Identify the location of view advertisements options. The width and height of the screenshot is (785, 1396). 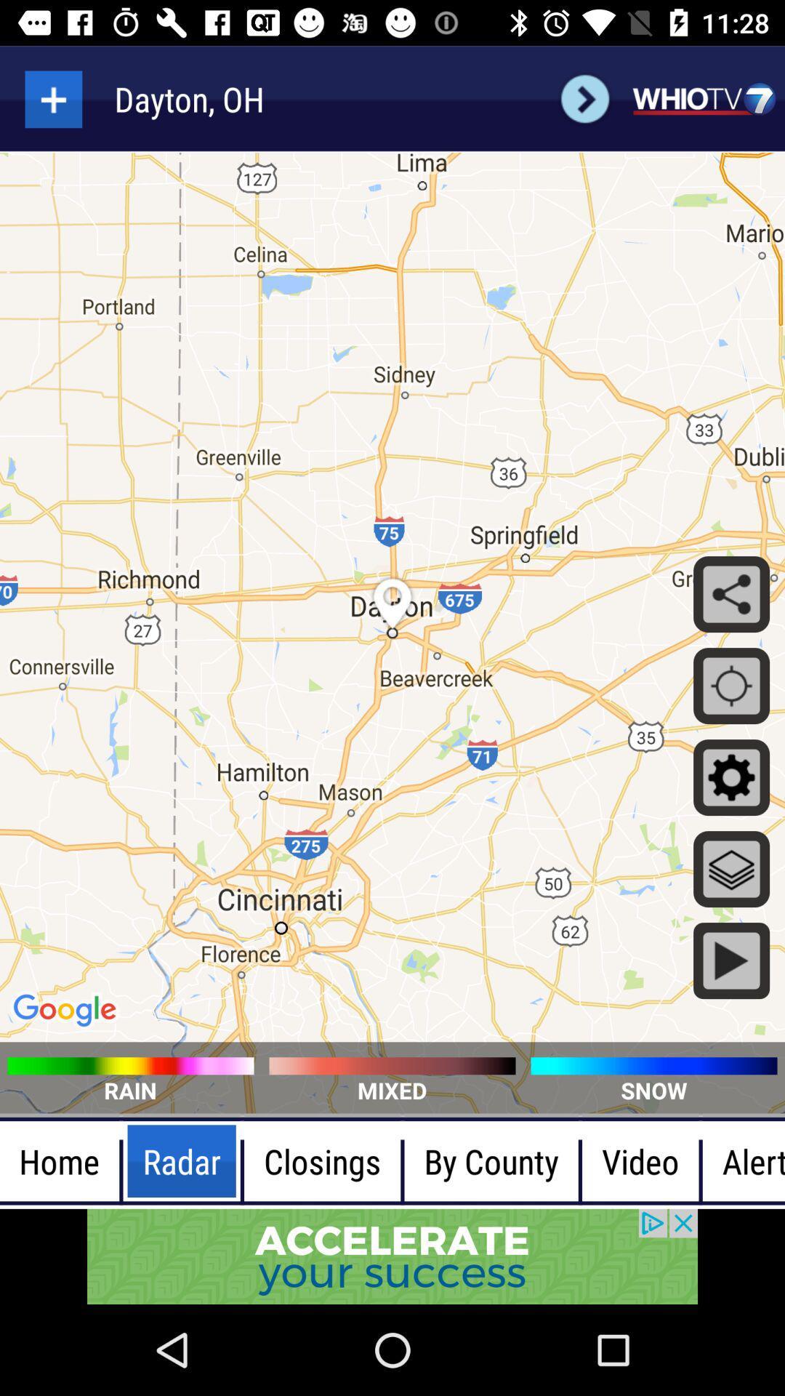
(392, 1256).